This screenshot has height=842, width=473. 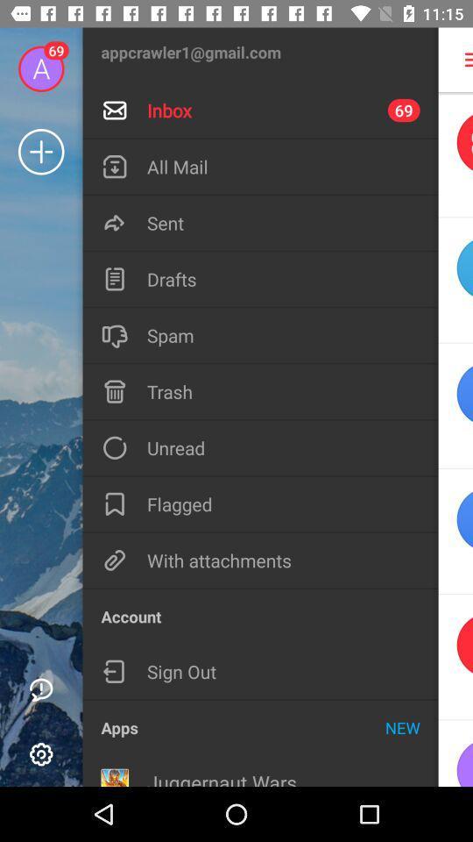 I want to click on the arrow_backward icon, so click(x=455, y=153).